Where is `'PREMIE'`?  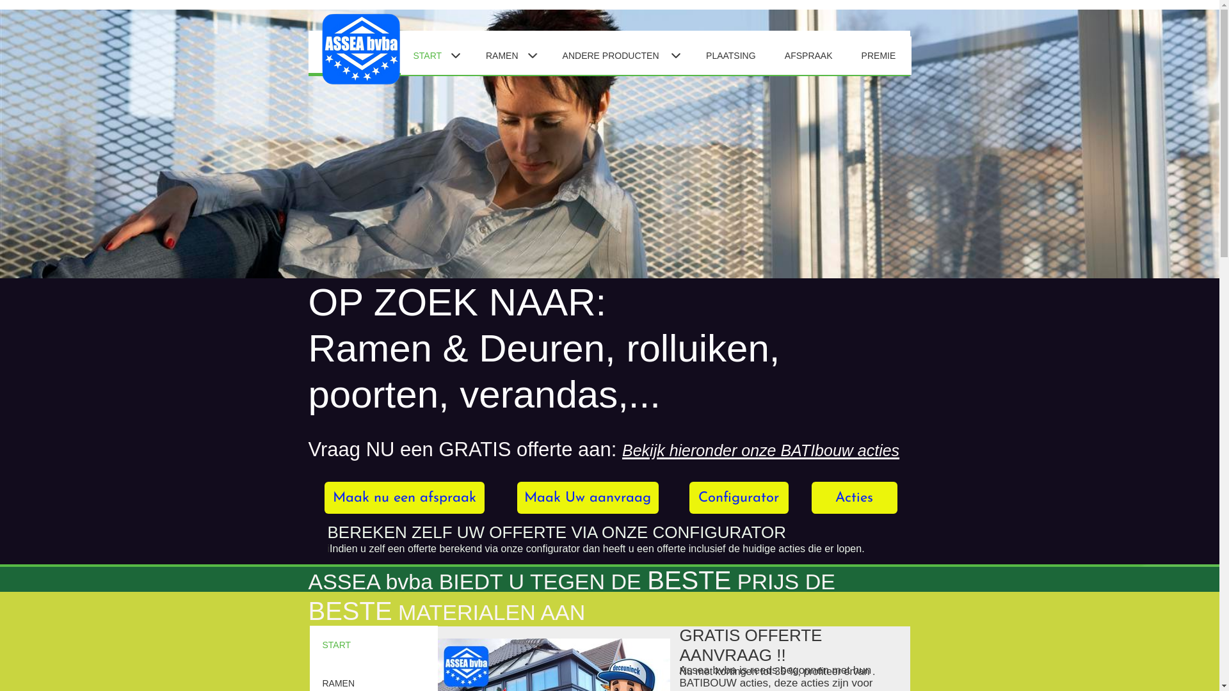 'PREMIE' is located at coordinates (879, 54).